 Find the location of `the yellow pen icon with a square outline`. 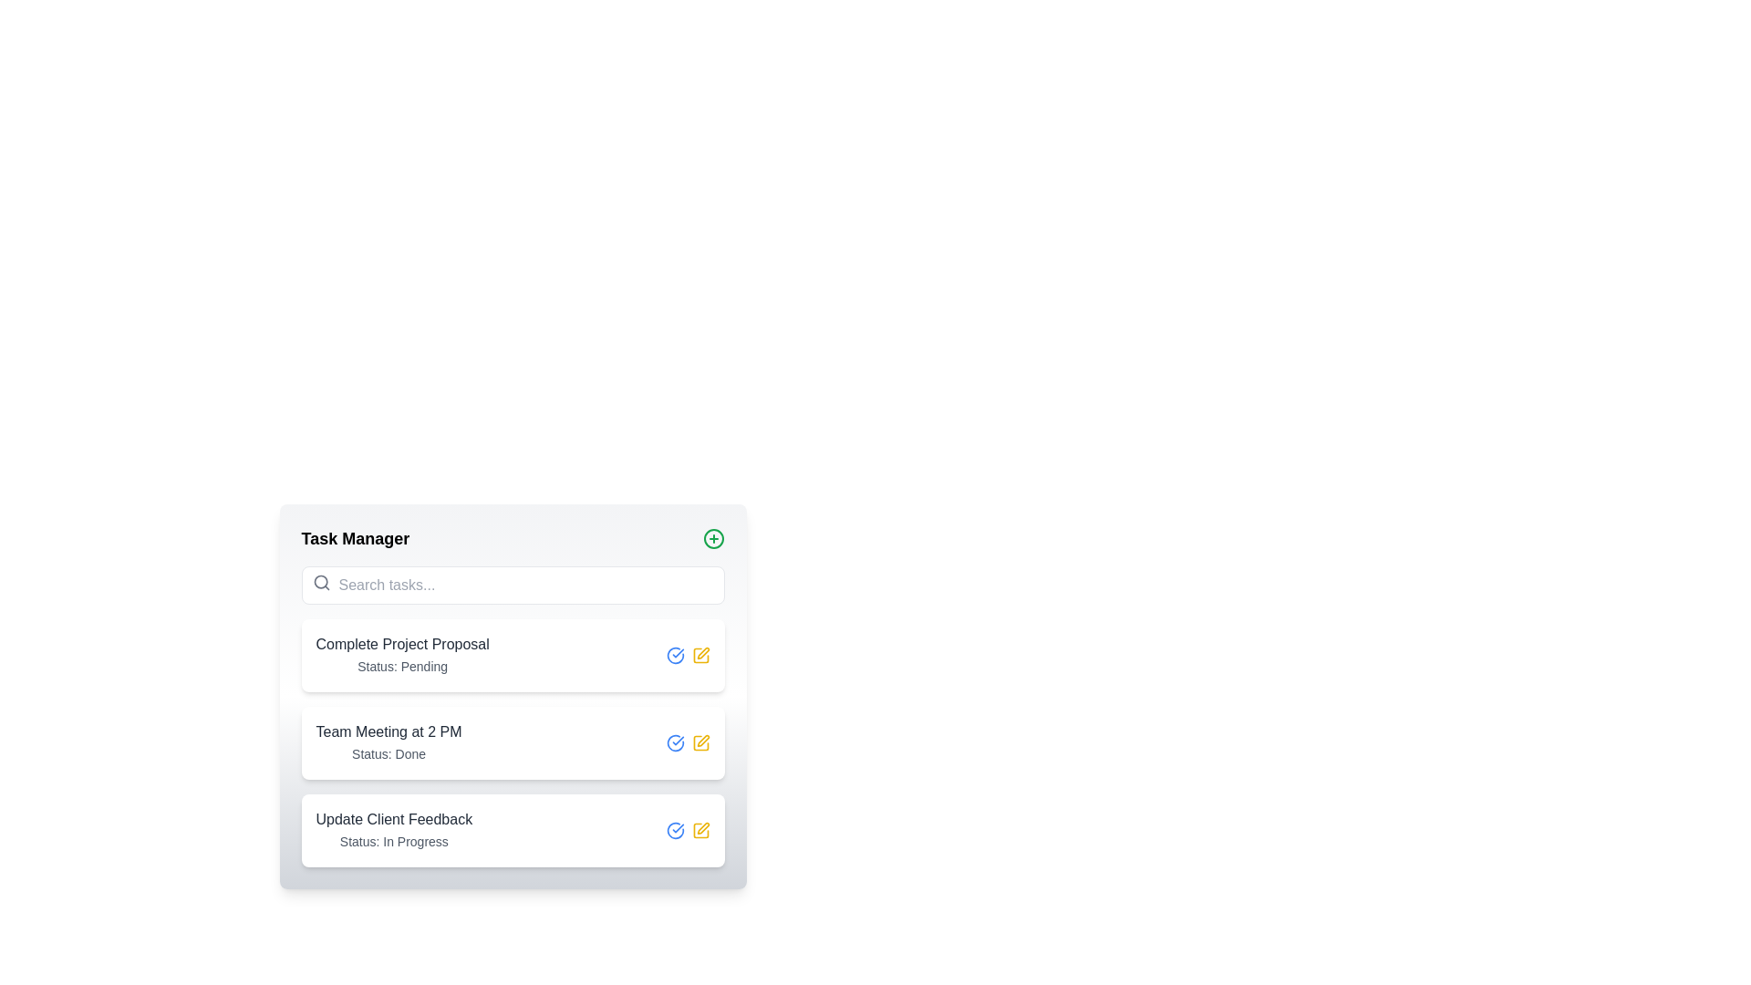

the yellow pen icon with a square outline is located at coordinates (699, 654).